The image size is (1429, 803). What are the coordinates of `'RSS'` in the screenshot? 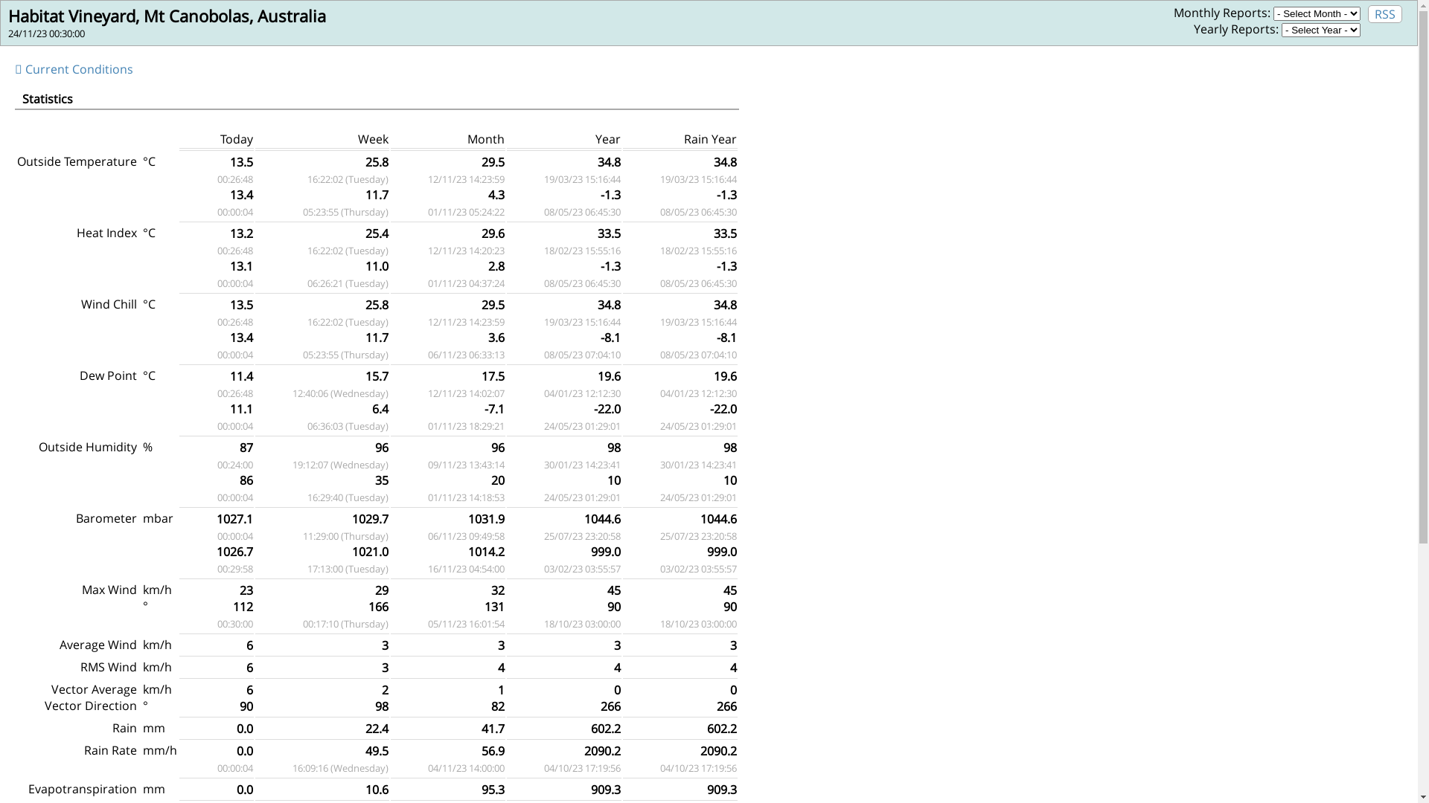 It's located at (1384, 14).